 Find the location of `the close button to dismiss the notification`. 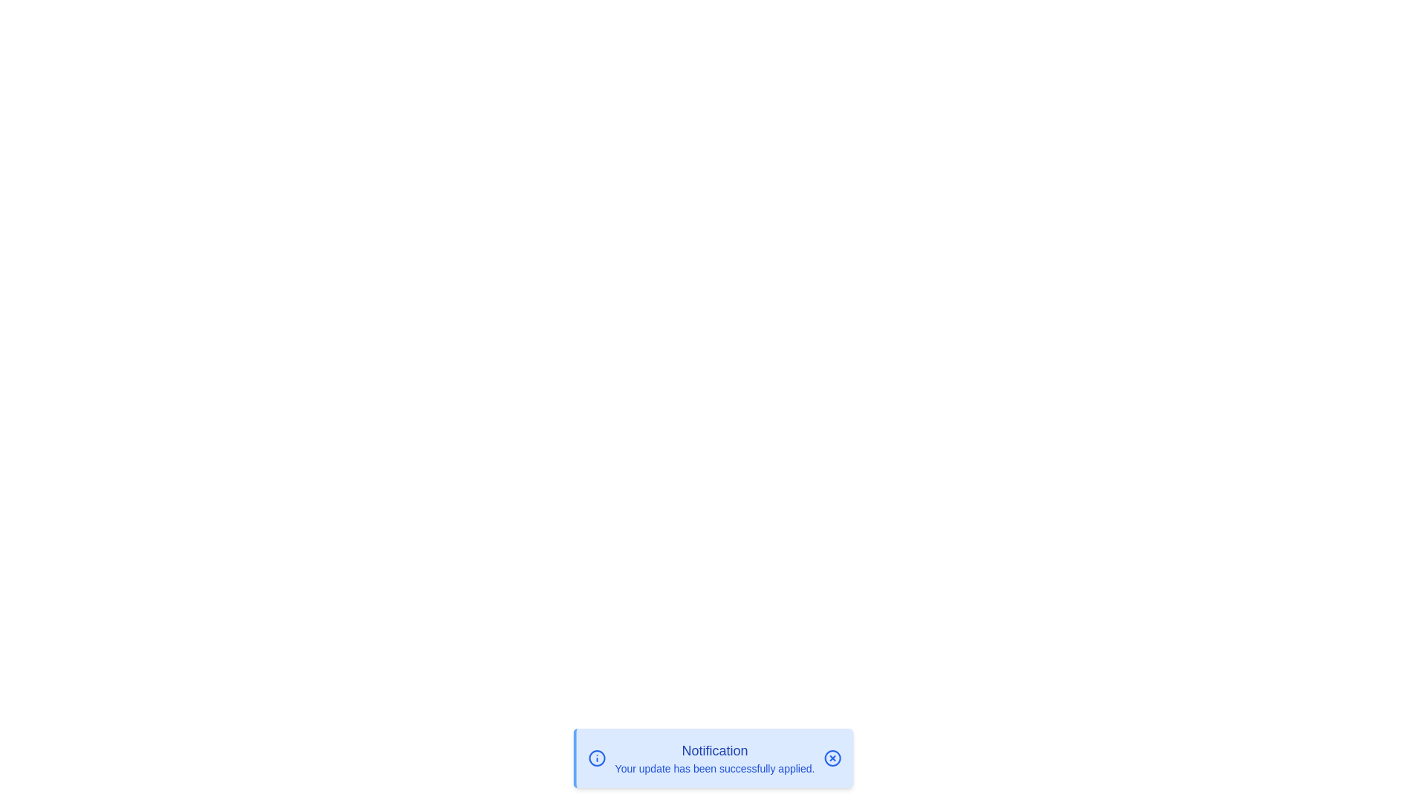

the close button to dismiss the notification is located at coordinates (832, 758).